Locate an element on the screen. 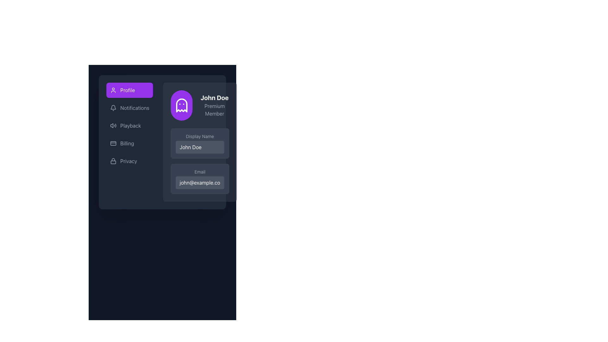 This screenshot has width=608, height=342. the 'Playback' text label located in the sidebar menu is located at coordinates (130, 126).